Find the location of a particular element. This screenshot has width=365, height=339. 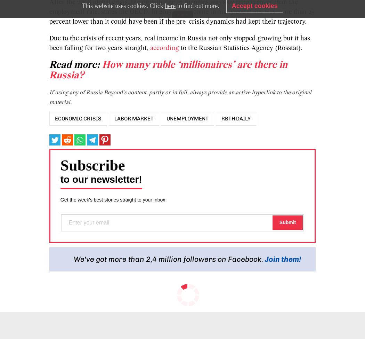

'labor market' is located at coordinates (133, 118).